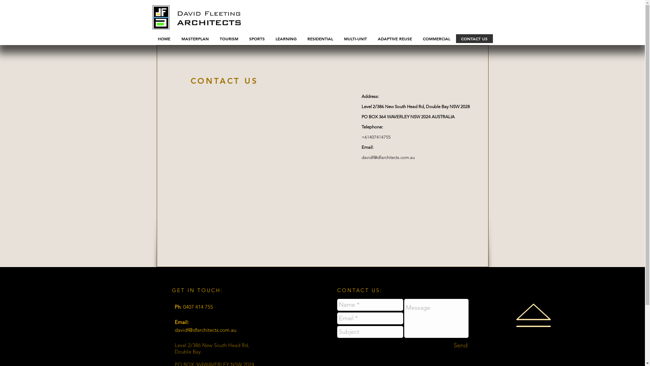 This screenshot has width=650, height=366. I want to click on 'MULTI-UNIT', so click(355, 39).